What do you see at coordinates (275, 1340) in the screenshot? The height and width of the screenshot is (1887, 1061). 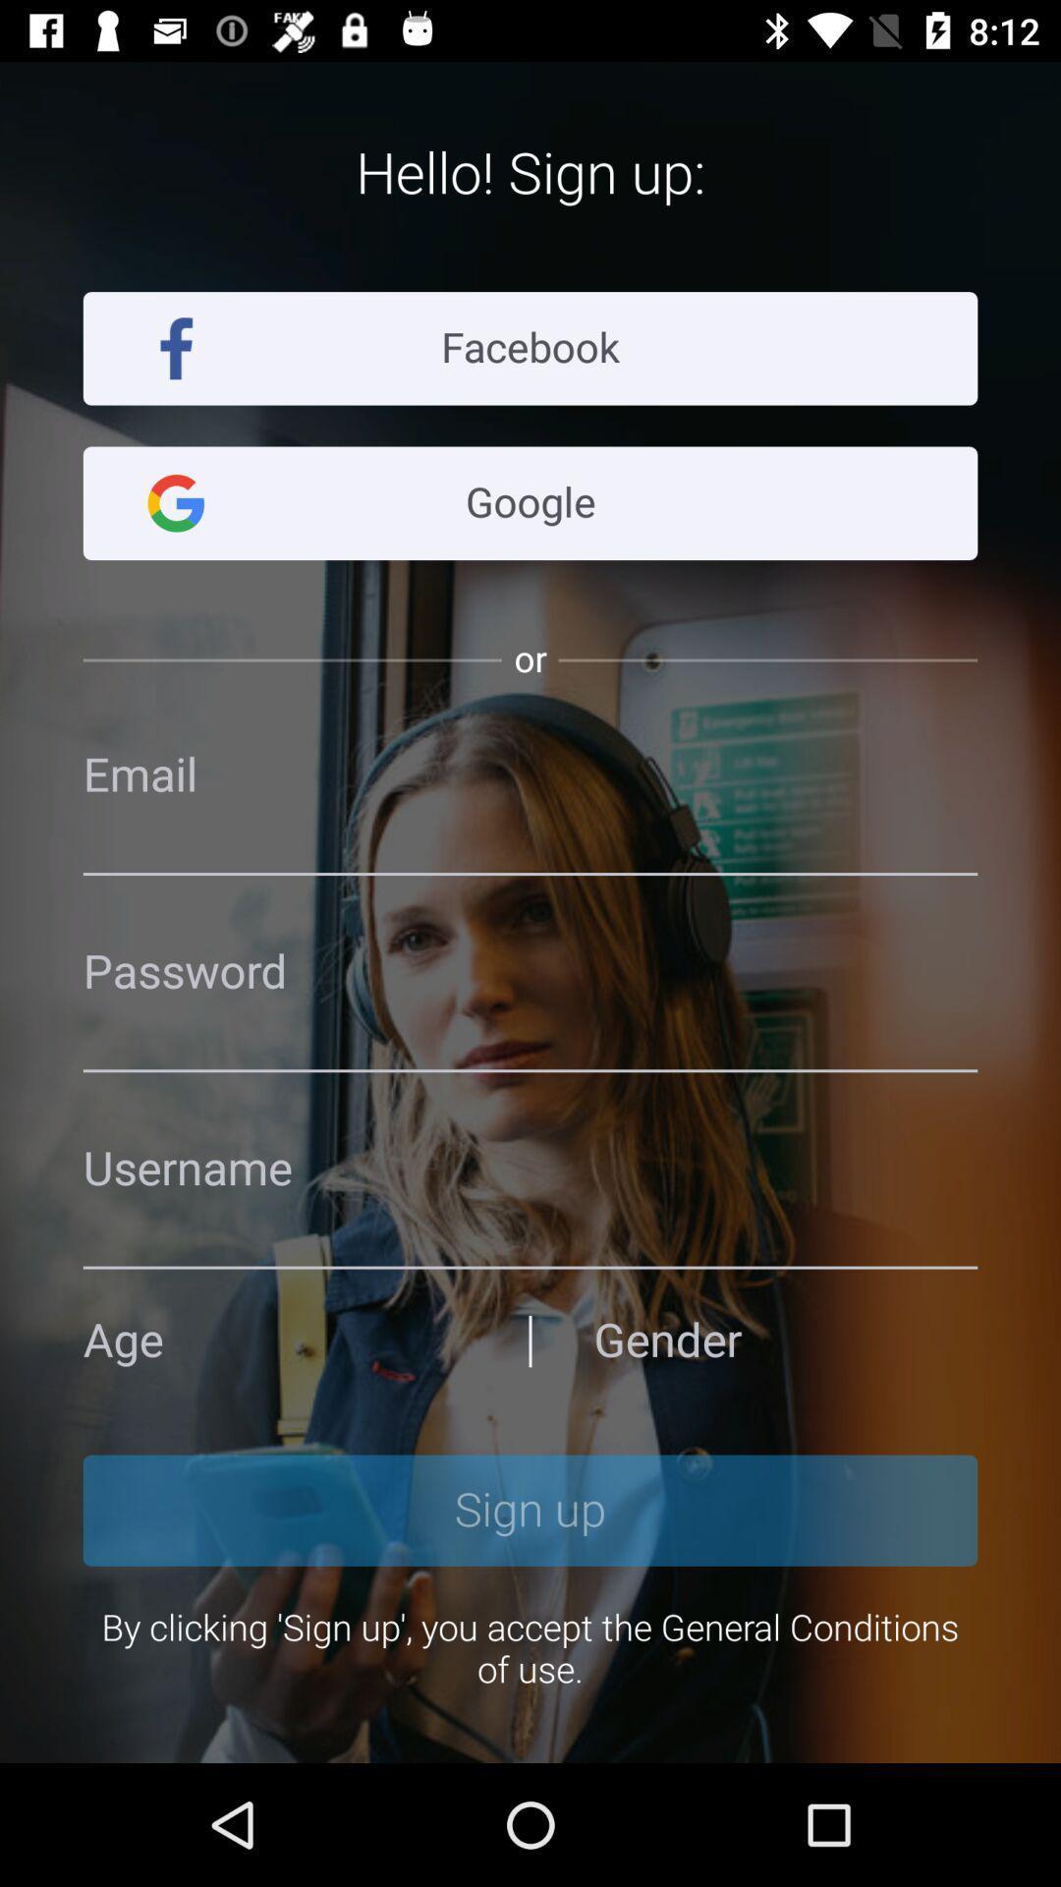 I see `indicate button` at bounding box center [275, 1340].